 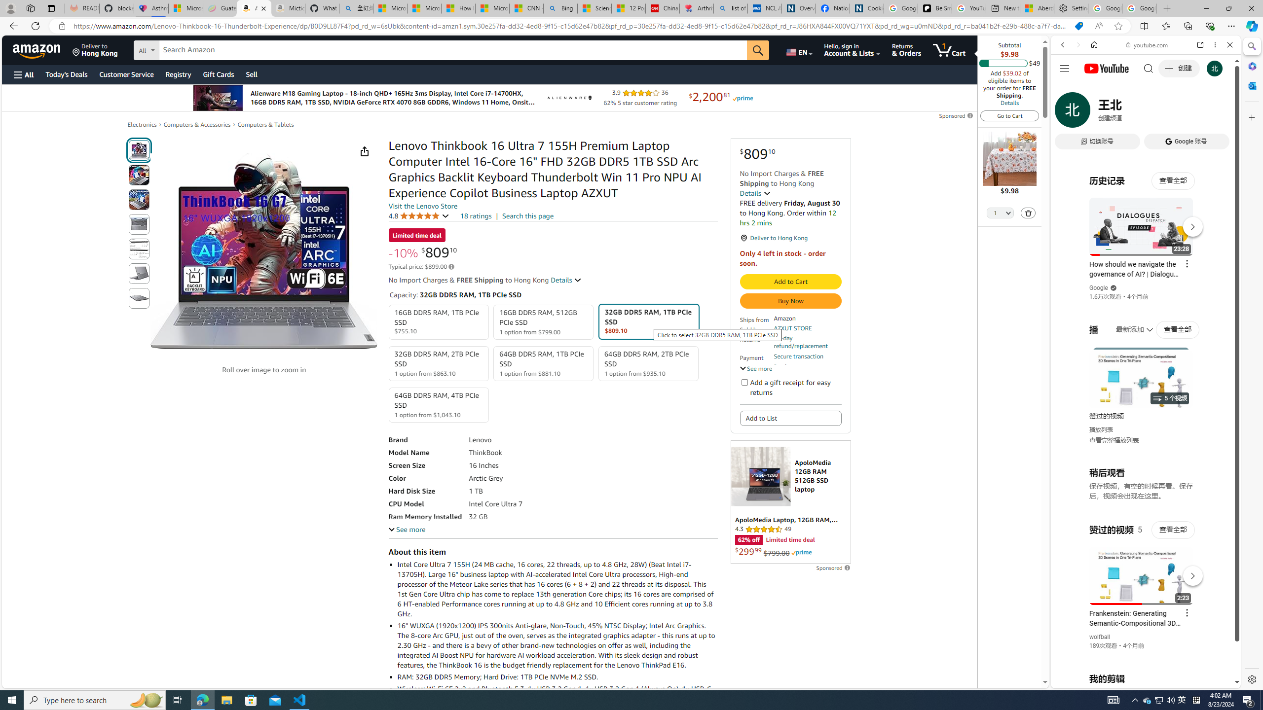 What do you see at coordinates (790, 502) in the screenshot?
I see `'Sponsored ad'` at bounding box center [790, 502].